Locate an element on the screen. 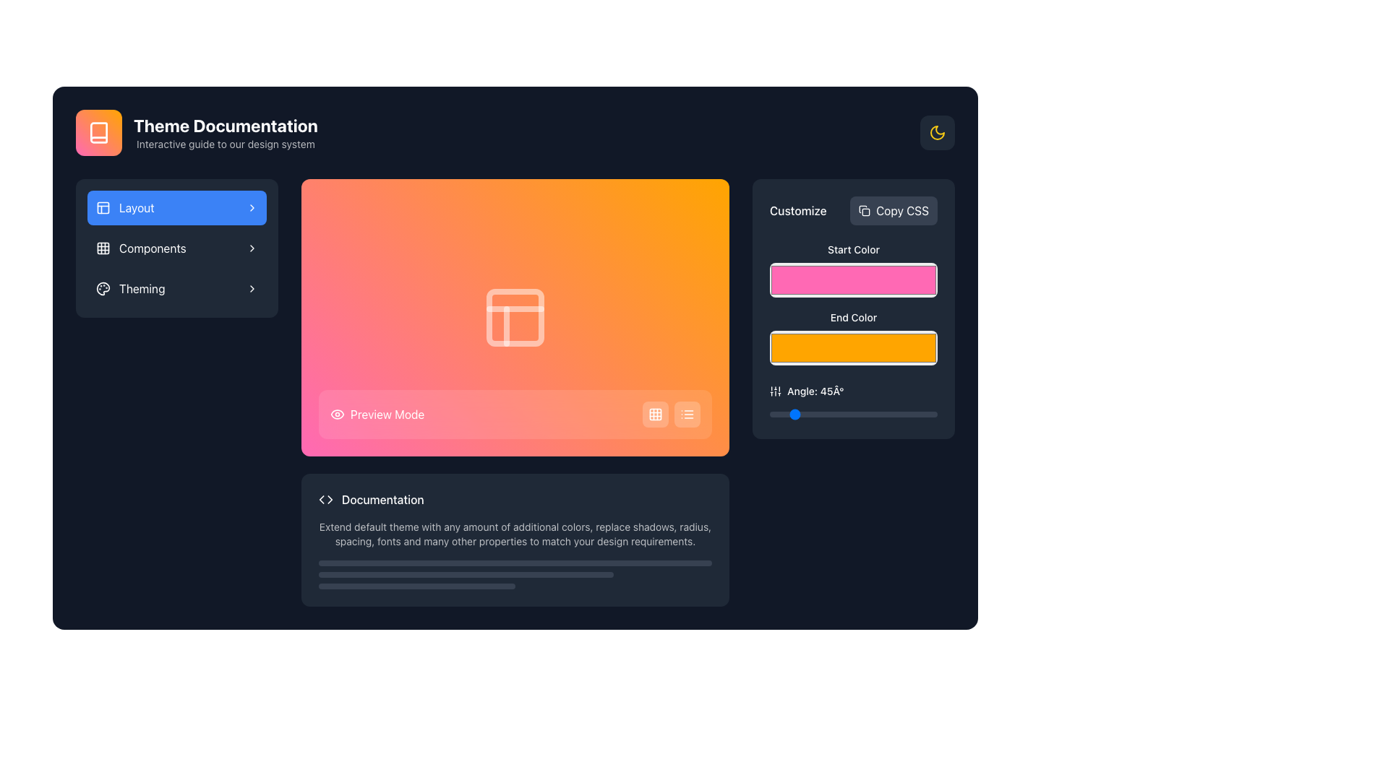 The image size is (1388, 780). the gradient customization component located in the right panel under the 'Customize' header, just below the 'Copy CSS' button, to adjust gradient properties is located at coordinates (853, 331).